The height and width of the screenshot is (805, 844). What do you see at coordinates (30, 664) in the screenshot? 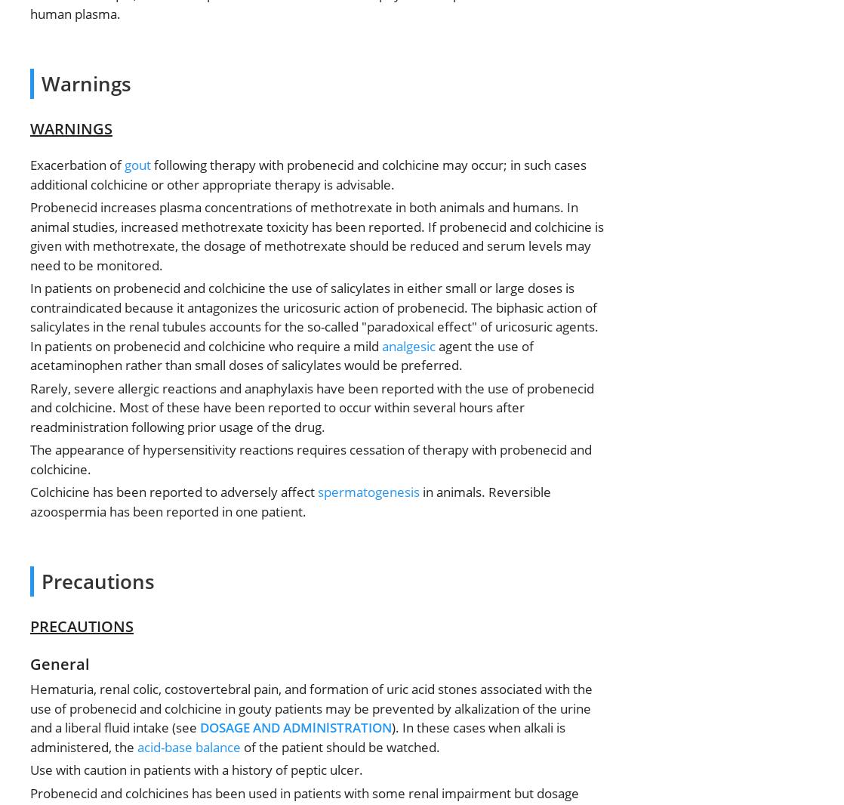
I see `'General'` at bounding box center [30, 664].